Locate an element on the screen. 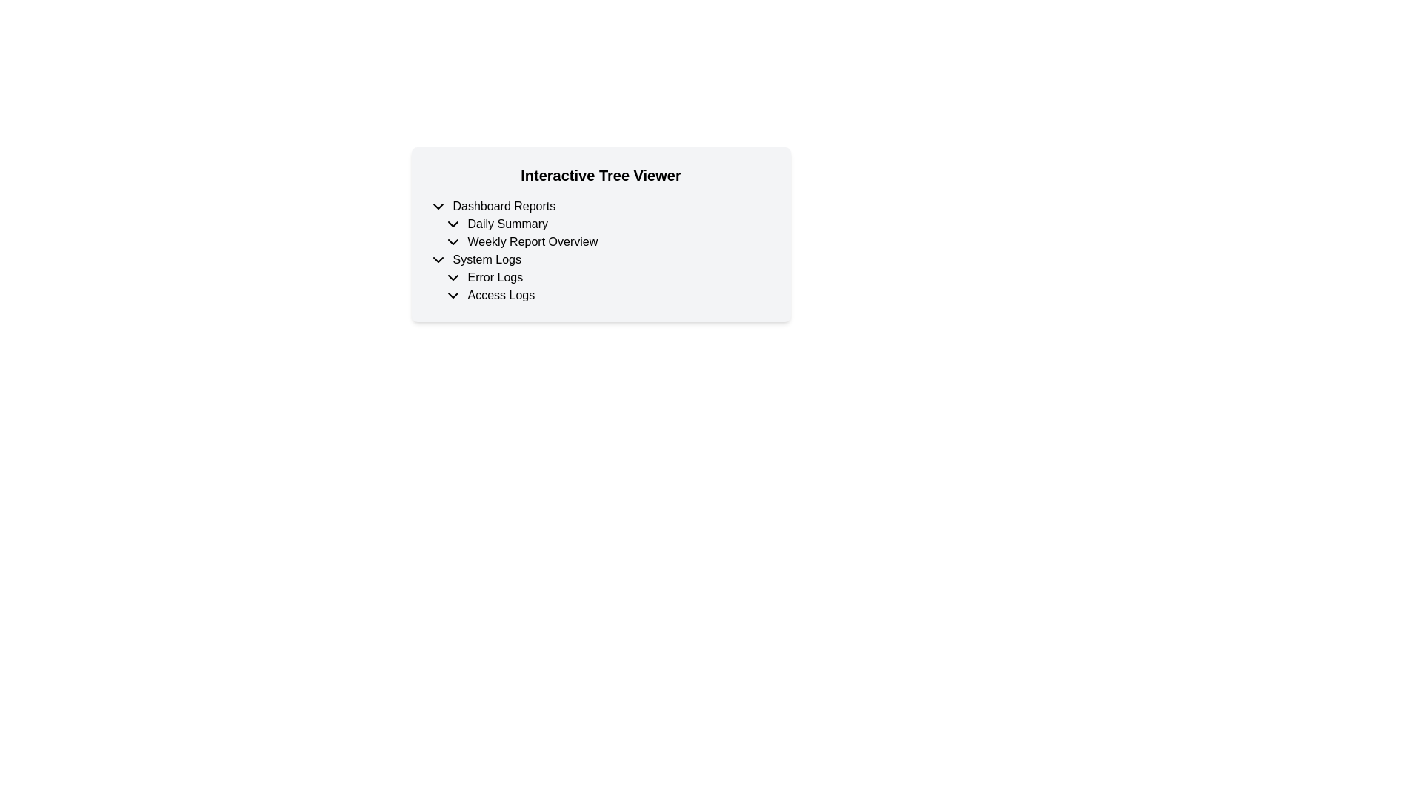 The width and height of the screenshot is (1422, 800). the 'Access Logs' text label is located at coordinates (501, 295).